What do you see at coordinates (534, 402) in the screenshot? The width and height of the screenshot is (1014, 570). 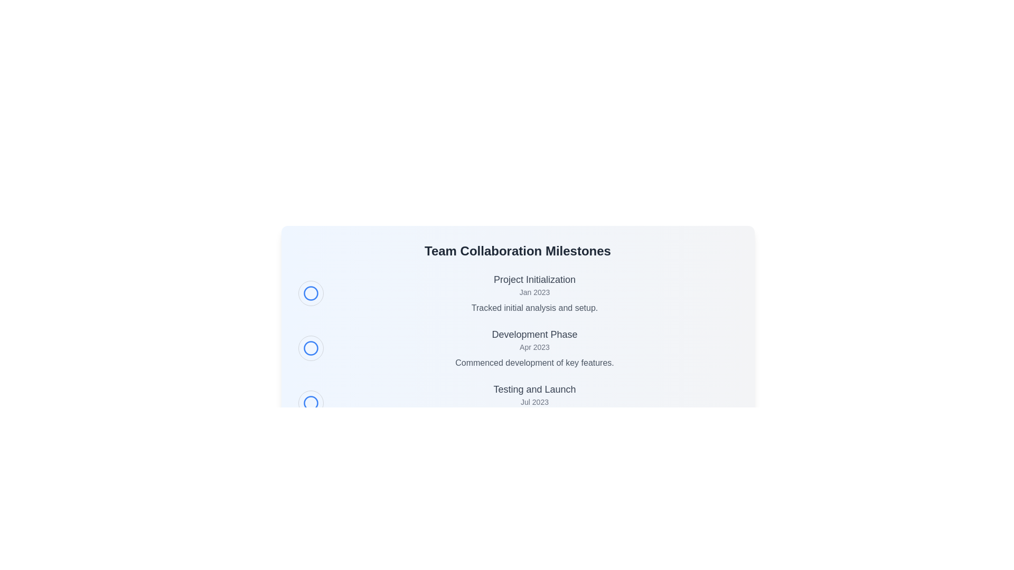 I see `the small text label displaying the date 'Jul 2023', which is positioned below the heading 'Testing and Launch' and above the descriptive text 'Completed thorough tests and initiated rollout'` at bounding box center [534, 402].